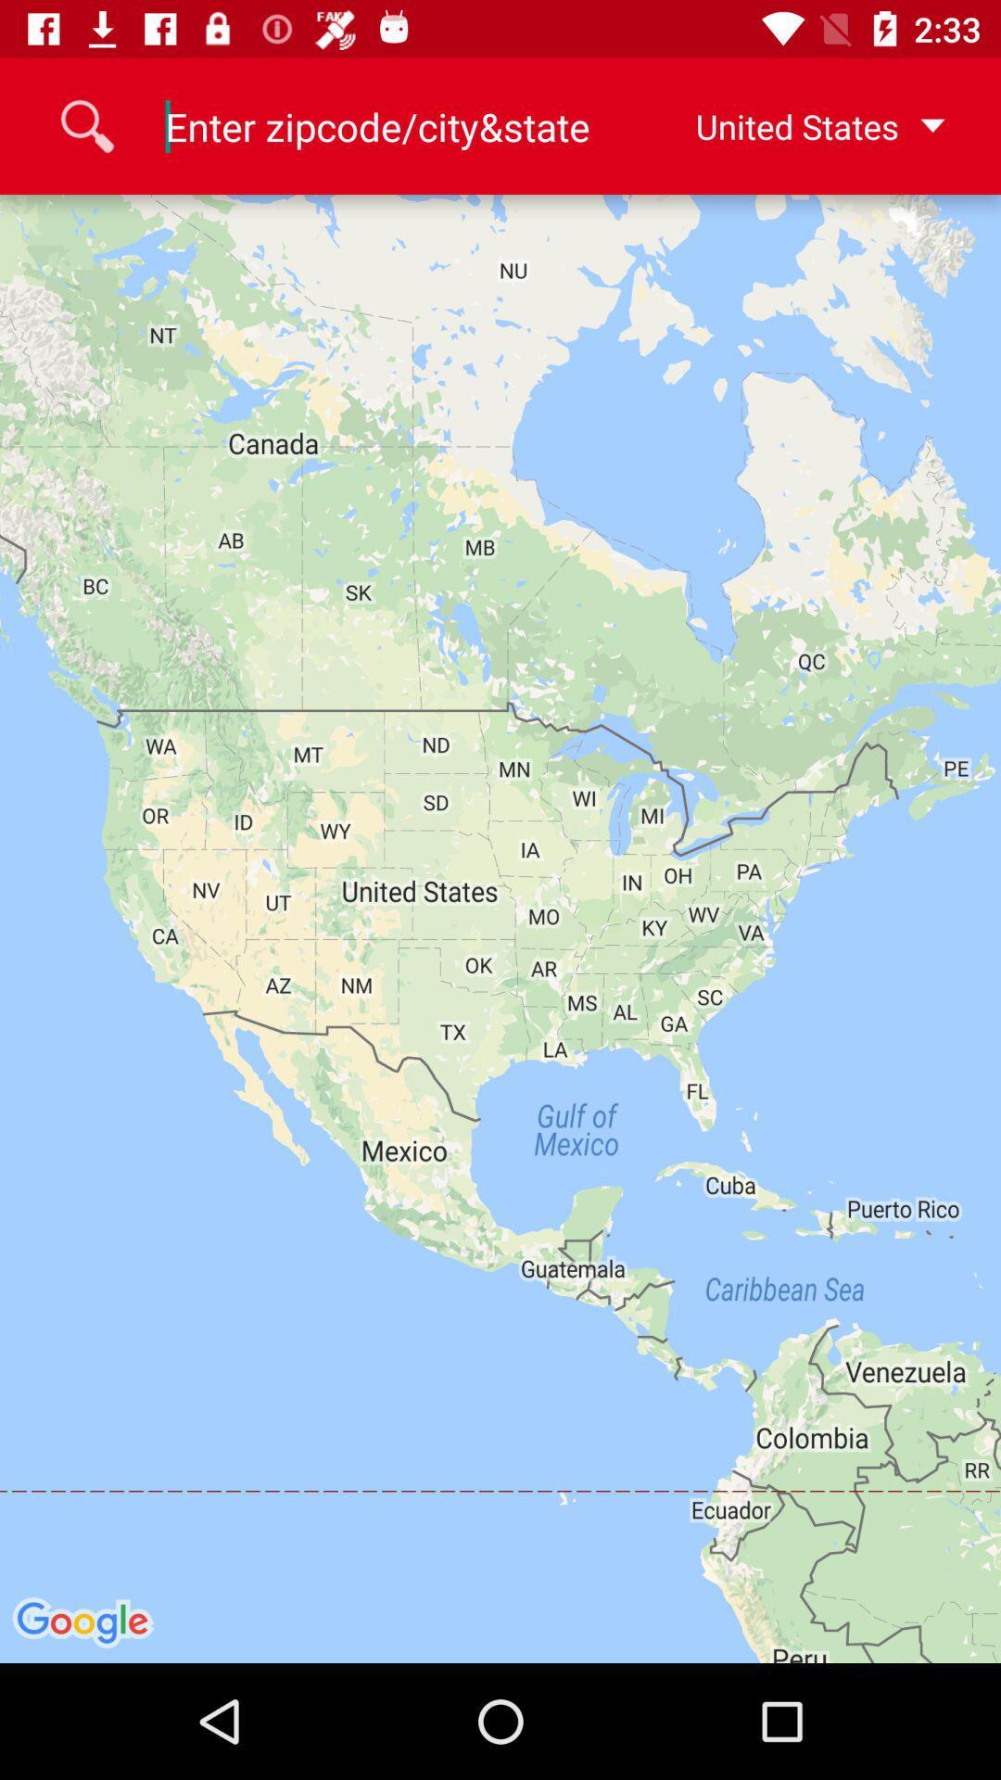 The image size is (1001, 1780). What do you see at coordinates (791, 125) in the screenshot?
I see `the united states item` at bounding box center [791, 125].